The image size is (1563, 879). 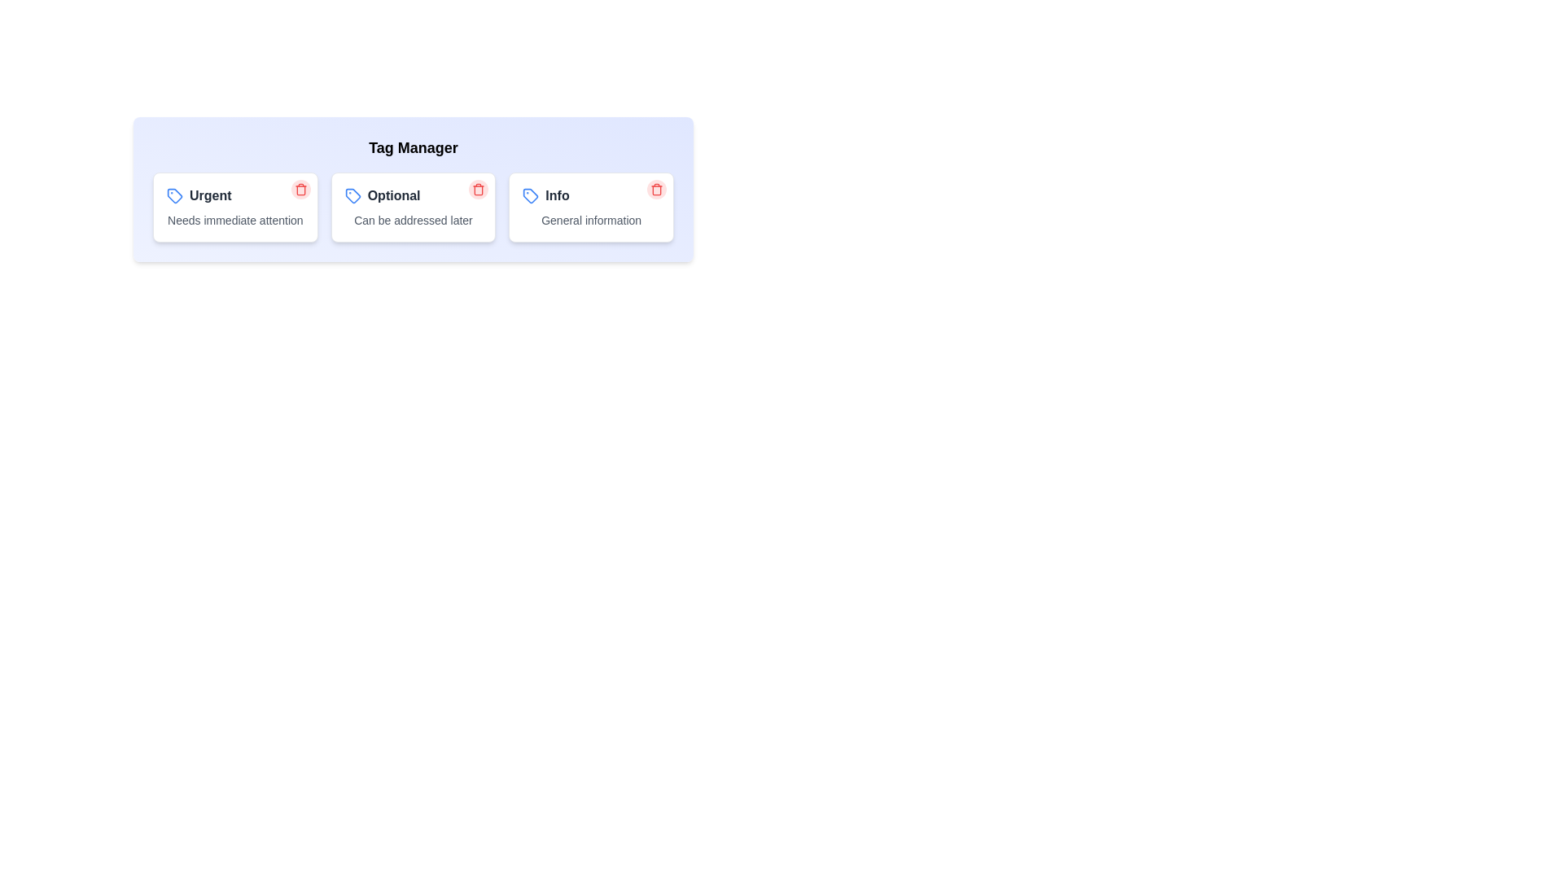 What do you see at coordinates (300, 188) in the screenshot?
I see `the trash icon of the tag labeled Urgent to delete it` at bounding box center [300, 188].